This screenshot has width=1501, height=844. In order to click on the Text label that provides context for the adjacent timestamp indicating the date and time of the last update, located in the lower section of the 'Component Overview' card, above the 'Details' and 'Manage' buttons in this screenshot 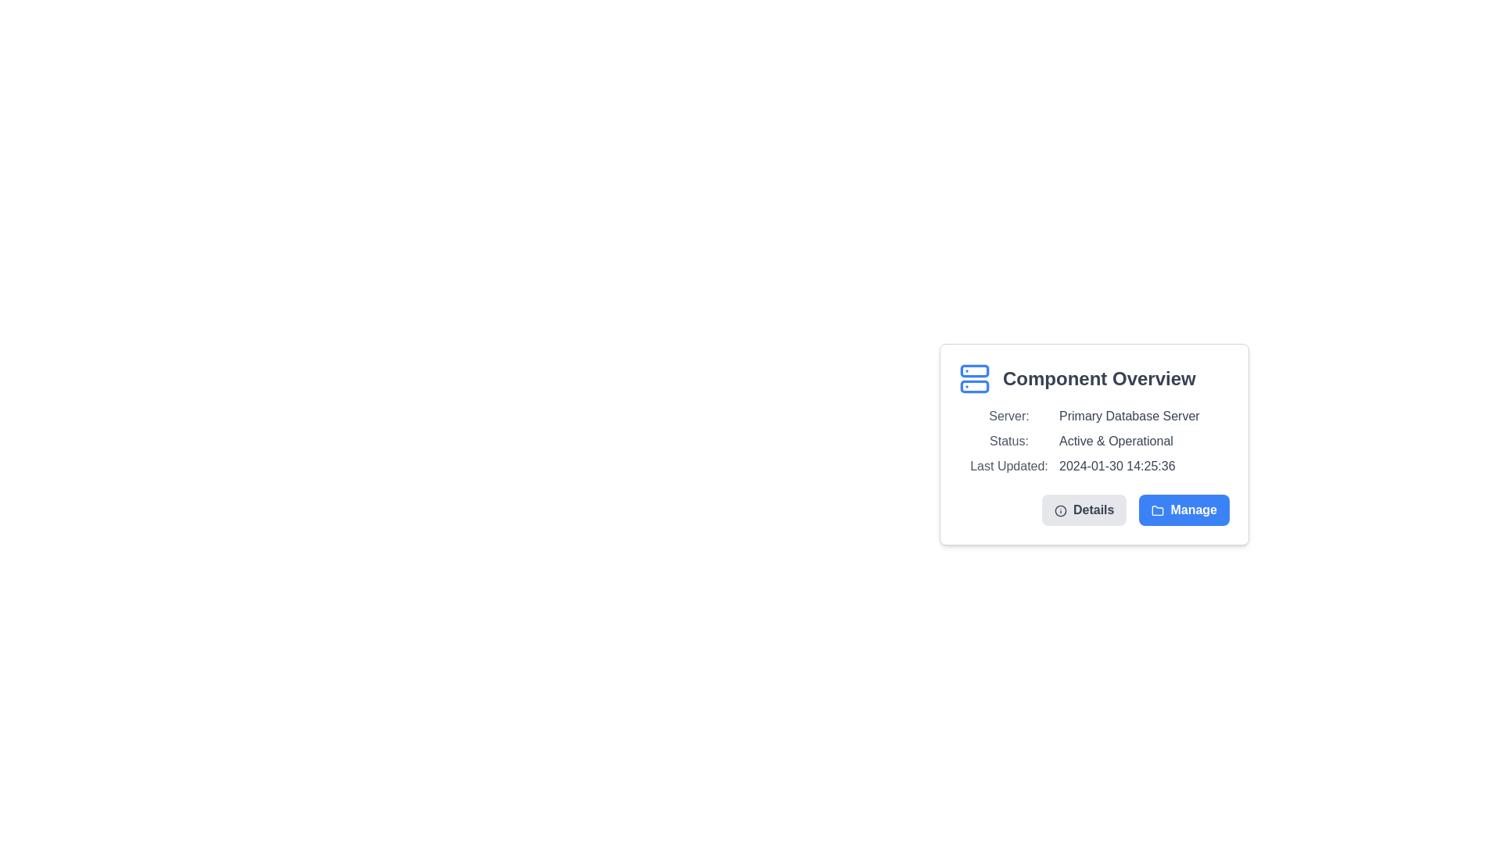, I will do `click(1009, 466)`.